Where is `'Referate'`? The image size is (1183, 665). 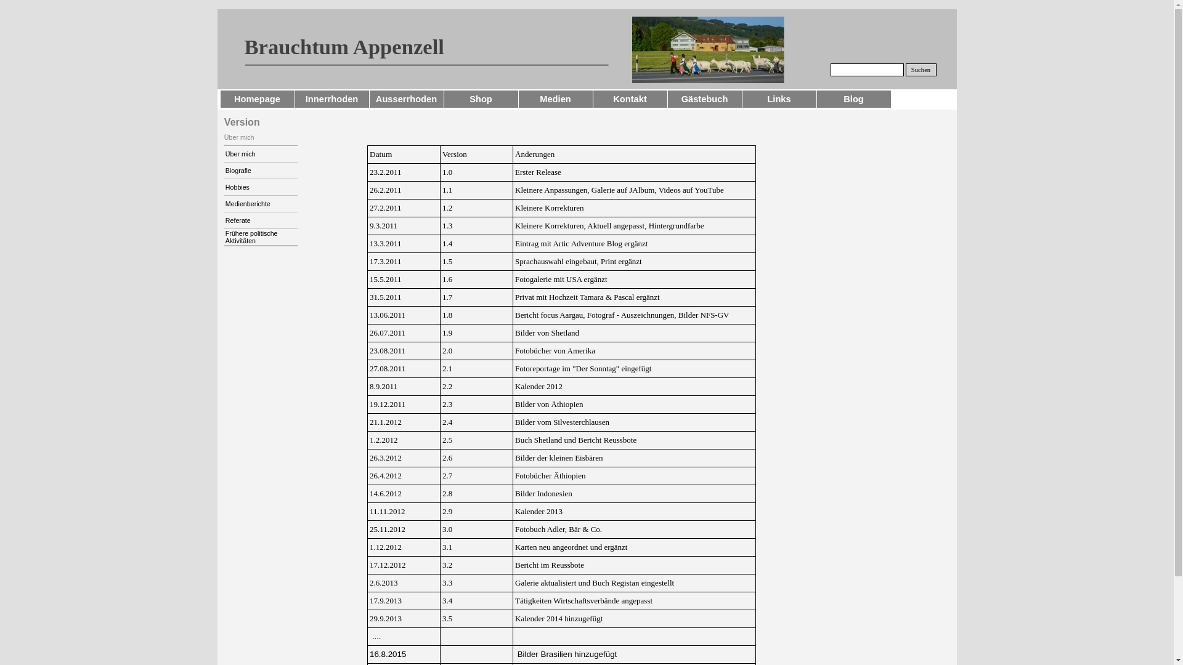
'Referate' is located at coordinates (259, 220).